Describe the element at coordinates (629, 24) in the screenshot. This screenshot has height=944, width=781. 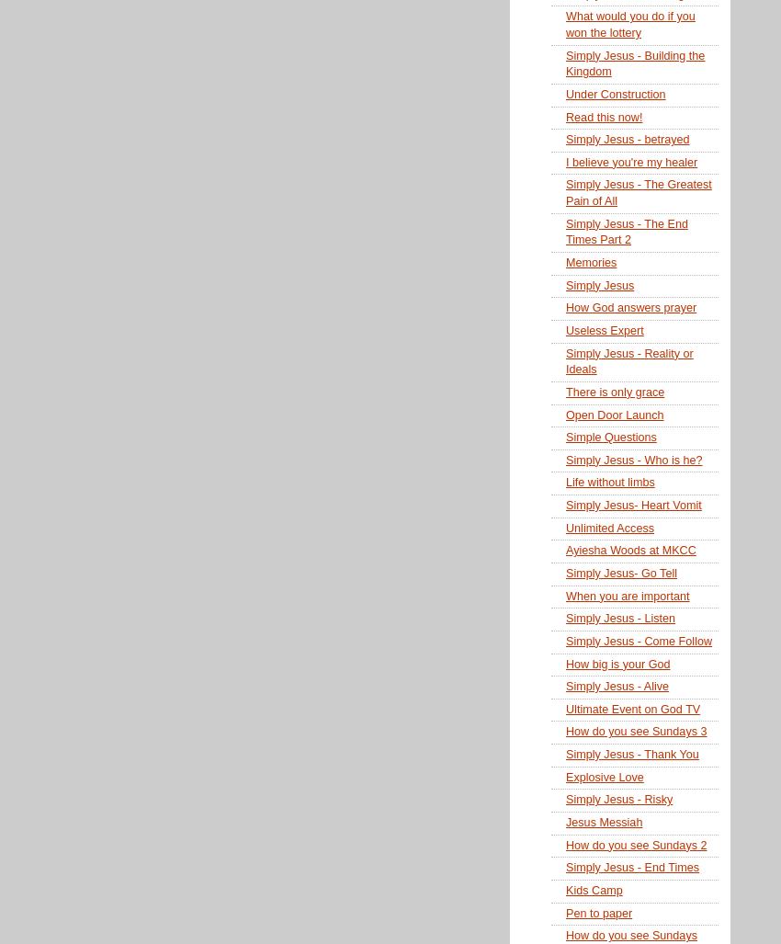
I see `'What would you do if you won the lottery'` at that location.